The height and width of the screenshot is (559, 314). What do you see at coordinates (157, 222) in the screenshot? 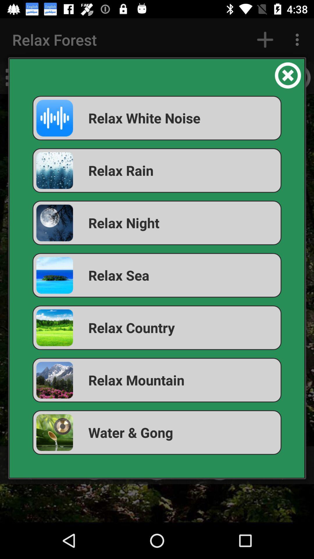
I see `the relax night` at bounding box center [157, 222].